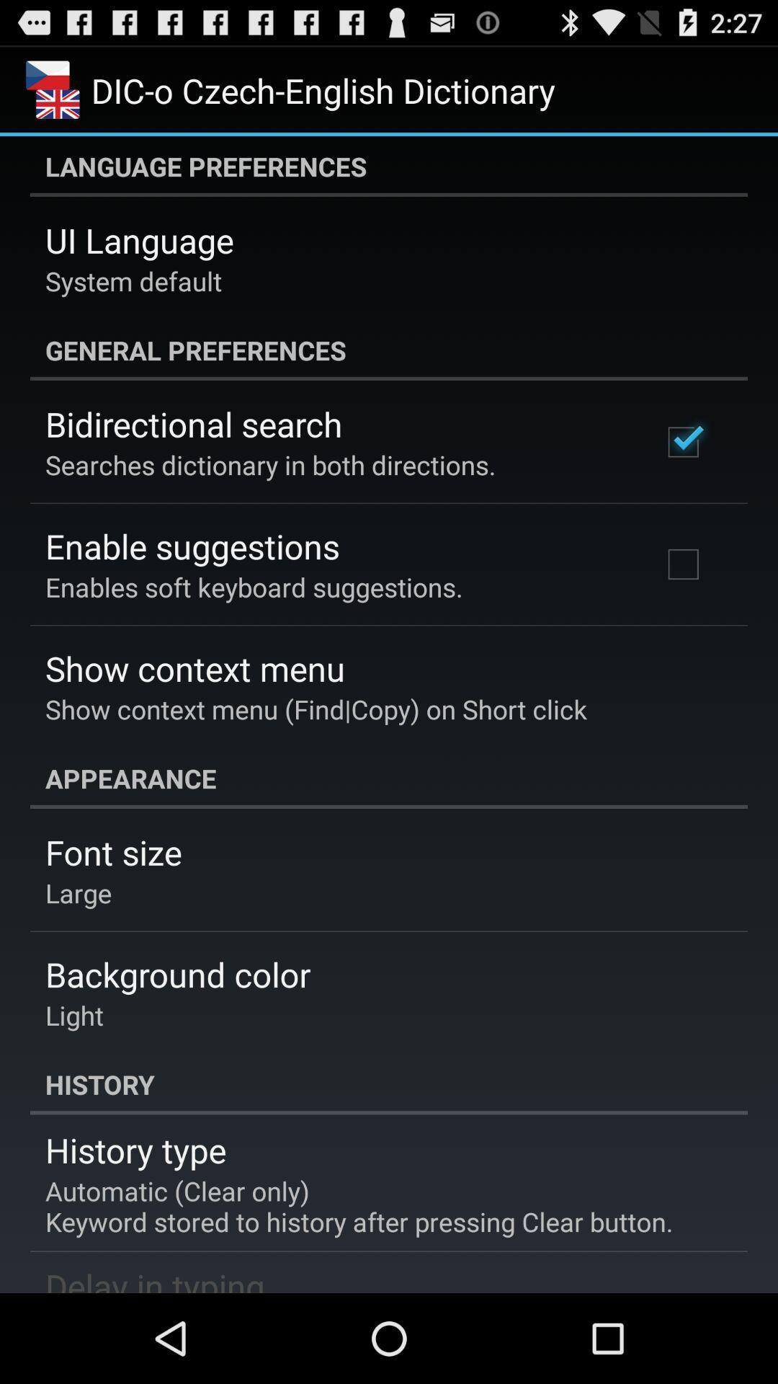 This screenshot has height=1384, width=778. Describe the element at coordinates (135, 1149) in the screenshot. I see `app below history item` at that location.